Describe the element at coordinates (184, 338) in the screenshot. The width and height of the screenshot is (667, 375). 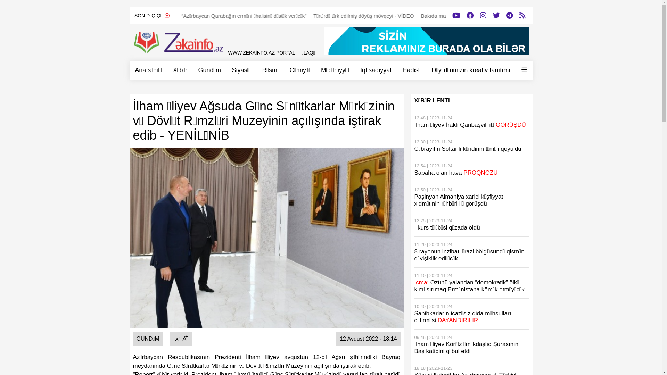
I see `'A` at that location.